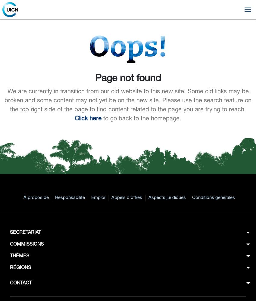 This screenshot has width=256, height=301. What do you see at coordinates (128, 46) in the screenshot?
I see `'Oops!'` at bounding box center [128, 46].